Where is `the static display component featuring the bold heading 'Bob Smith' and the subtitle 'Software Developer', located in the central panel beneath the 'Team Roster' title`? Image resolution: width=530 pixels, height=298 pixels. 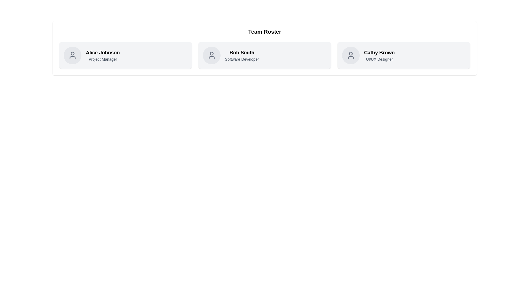
the static display component featuring the bold heading 'Bob Smith' and the subtitle 'Software Developer', located in the central panel beneath the 'Team Roster' title is located at coordinates (242, 55).